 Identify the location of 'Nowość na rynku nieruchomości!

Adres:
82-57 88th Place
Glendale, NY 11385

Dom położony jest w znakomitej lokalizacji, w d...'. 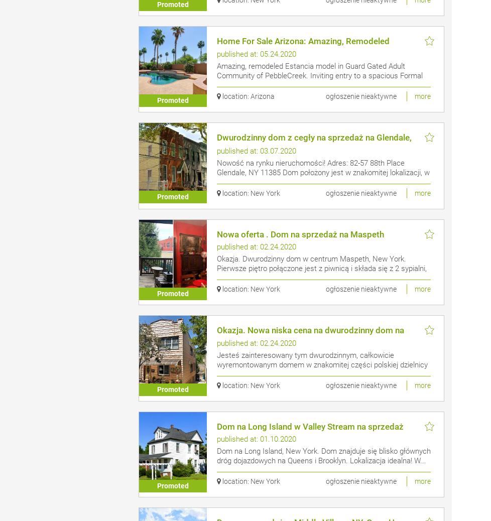
(323, 172).